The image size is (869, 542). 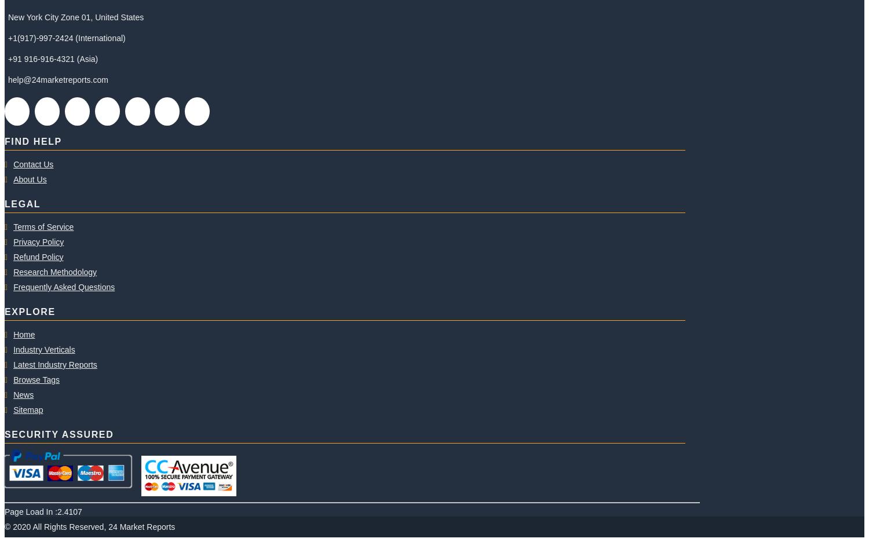 I want to click on 'FIND HELP', so click(x=33, y=141).